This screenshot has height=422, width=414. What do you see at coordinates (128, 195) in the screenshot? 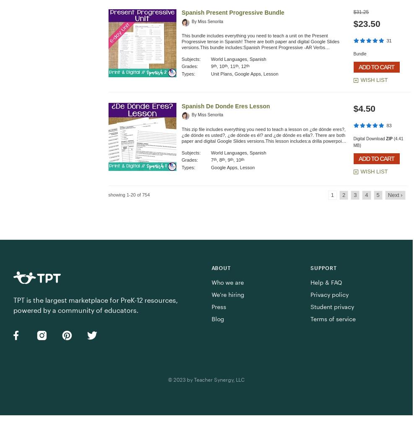
I see `'showing 1-20 of 754'` at bounding box center [128, 195].